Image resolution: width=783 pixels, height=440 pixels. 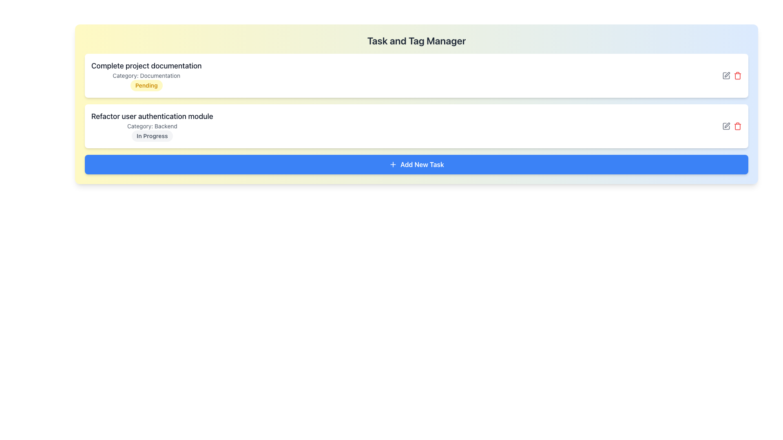 What do you see at coordinates (152, 116) in the screenshot?
I see `the text label that reads 'Refactor user authentication module'` at bounding box center [152, 116].